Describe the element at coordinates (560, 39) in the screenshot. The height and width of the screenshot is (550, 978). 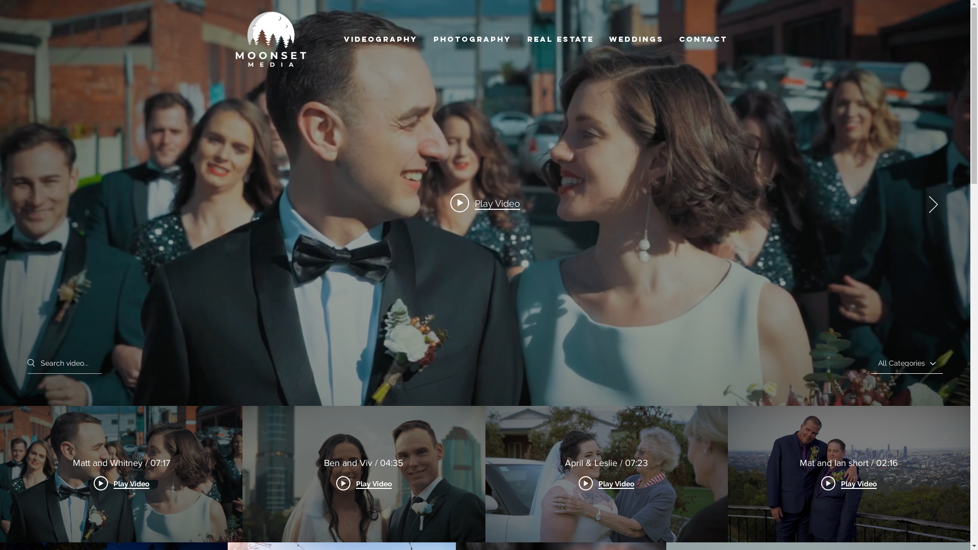
I see `'REAL ESTATE'` at that location.